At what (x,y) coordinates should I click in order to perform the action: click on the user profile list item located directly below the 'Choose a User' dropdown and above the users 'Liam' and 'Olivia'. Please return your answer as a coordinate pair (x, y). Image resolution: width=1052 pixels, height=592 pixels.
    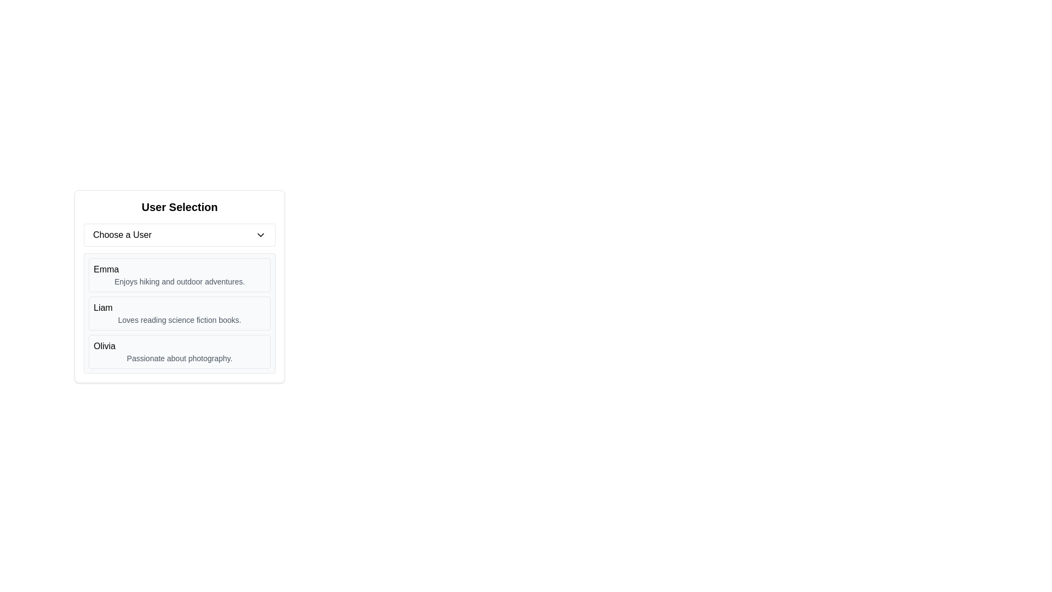
    Looking at the image, I should click on (179, 274).